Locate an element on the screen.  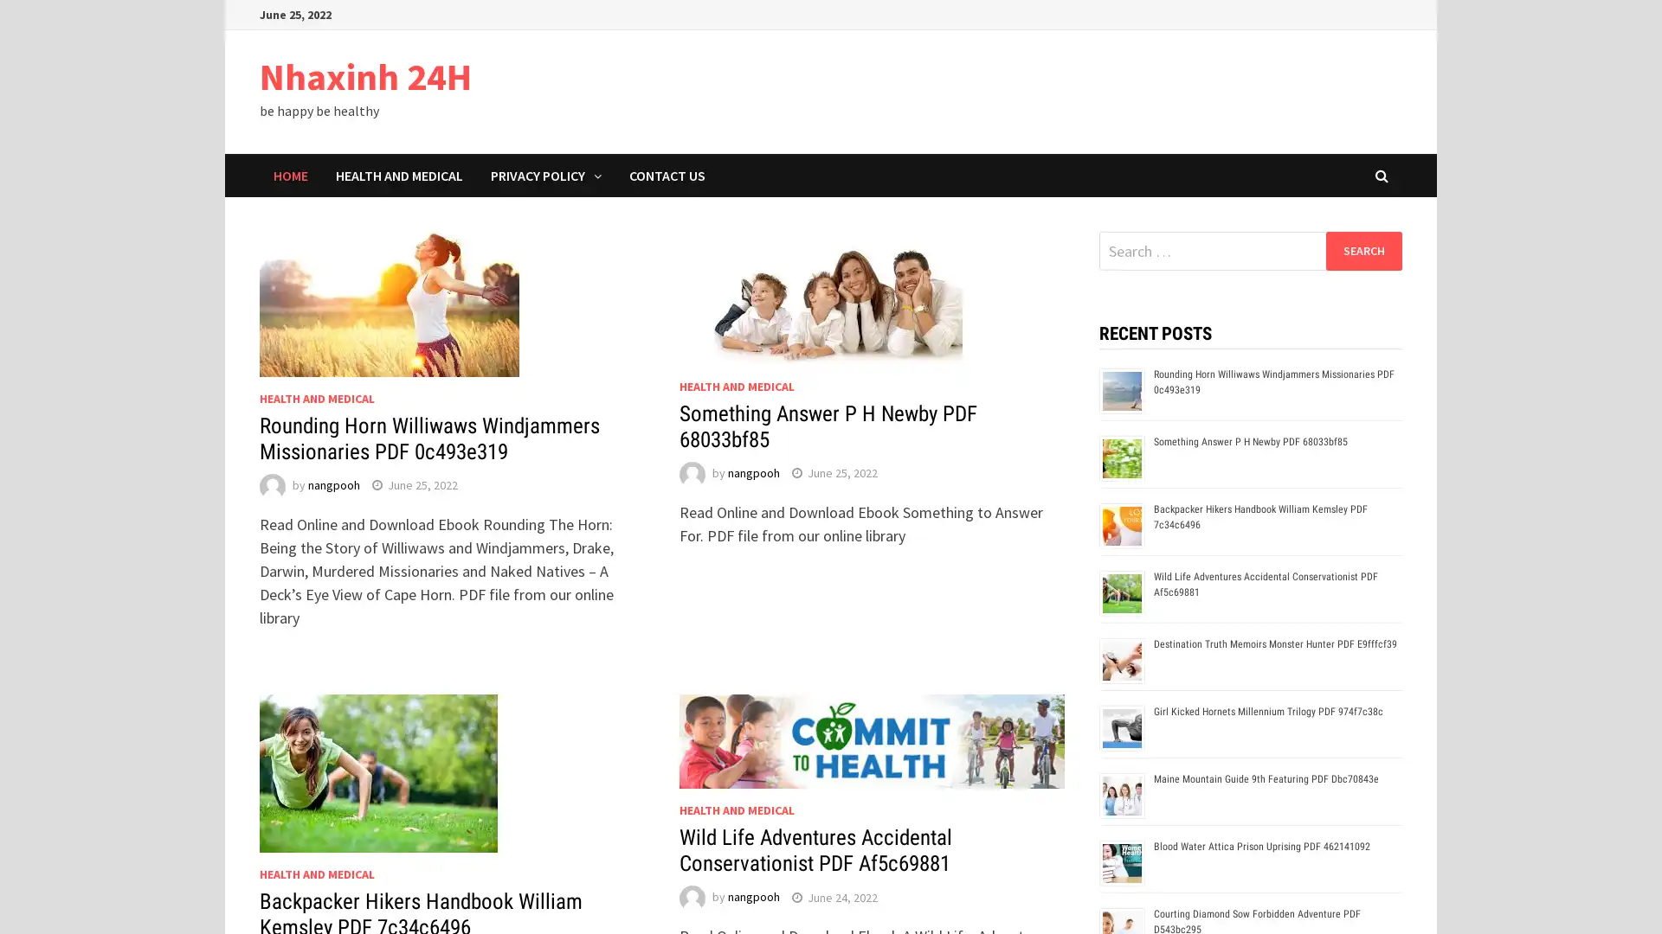
Search is located at coordinates (1362, 250).